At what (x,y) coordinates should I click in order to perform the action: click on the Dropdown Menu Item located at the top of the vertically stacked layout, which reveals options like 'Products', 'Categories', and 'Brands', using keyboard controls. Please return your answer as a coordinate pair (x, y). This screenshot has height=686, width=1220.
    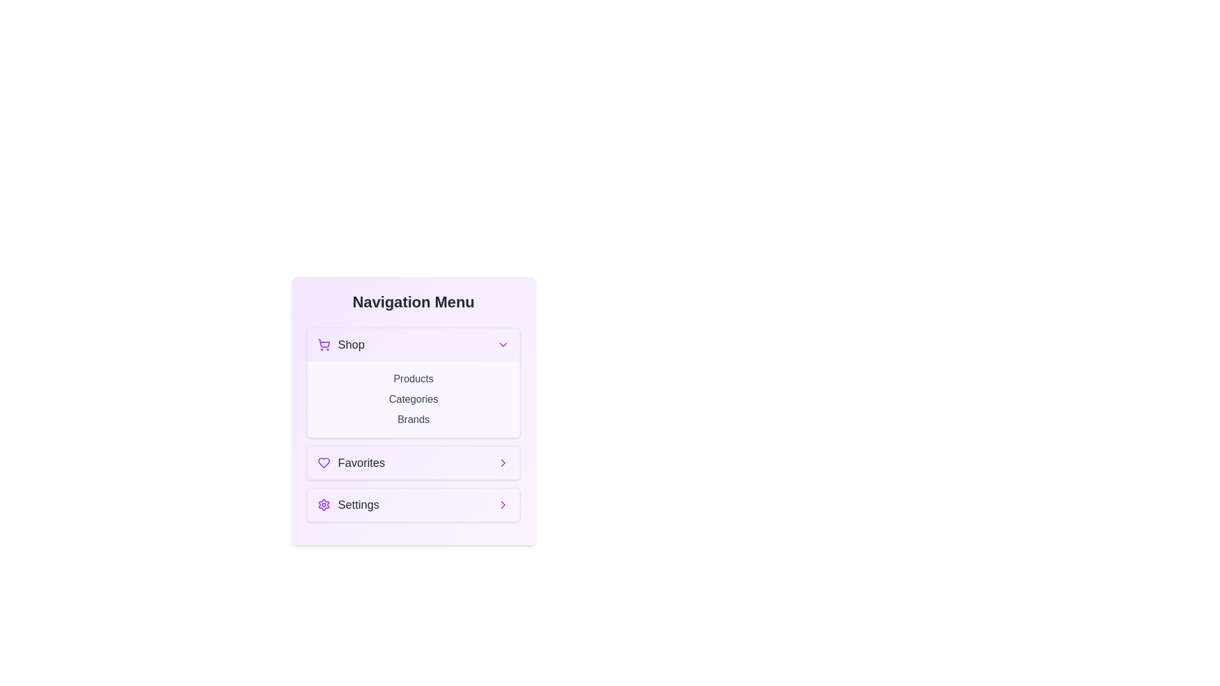
    Looking at the image, I should click on (414, 345).